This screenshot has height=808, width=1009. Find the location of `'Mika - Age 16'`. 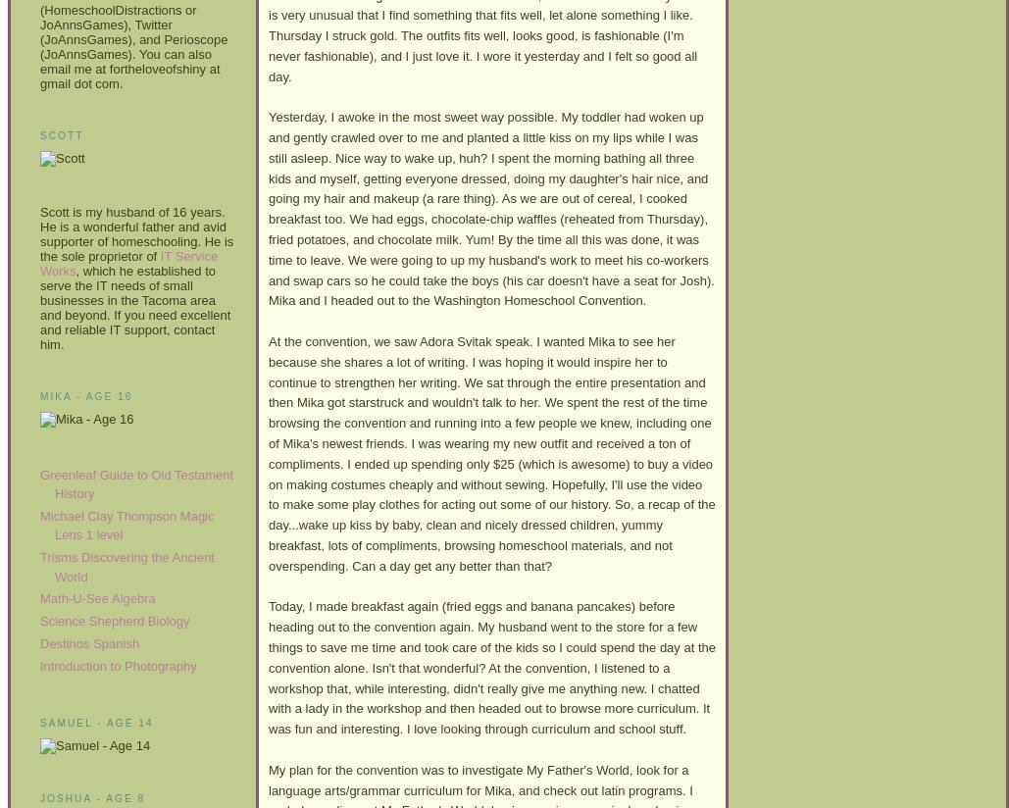

'Mika - Age 16' is located at coordinates (39, 395).